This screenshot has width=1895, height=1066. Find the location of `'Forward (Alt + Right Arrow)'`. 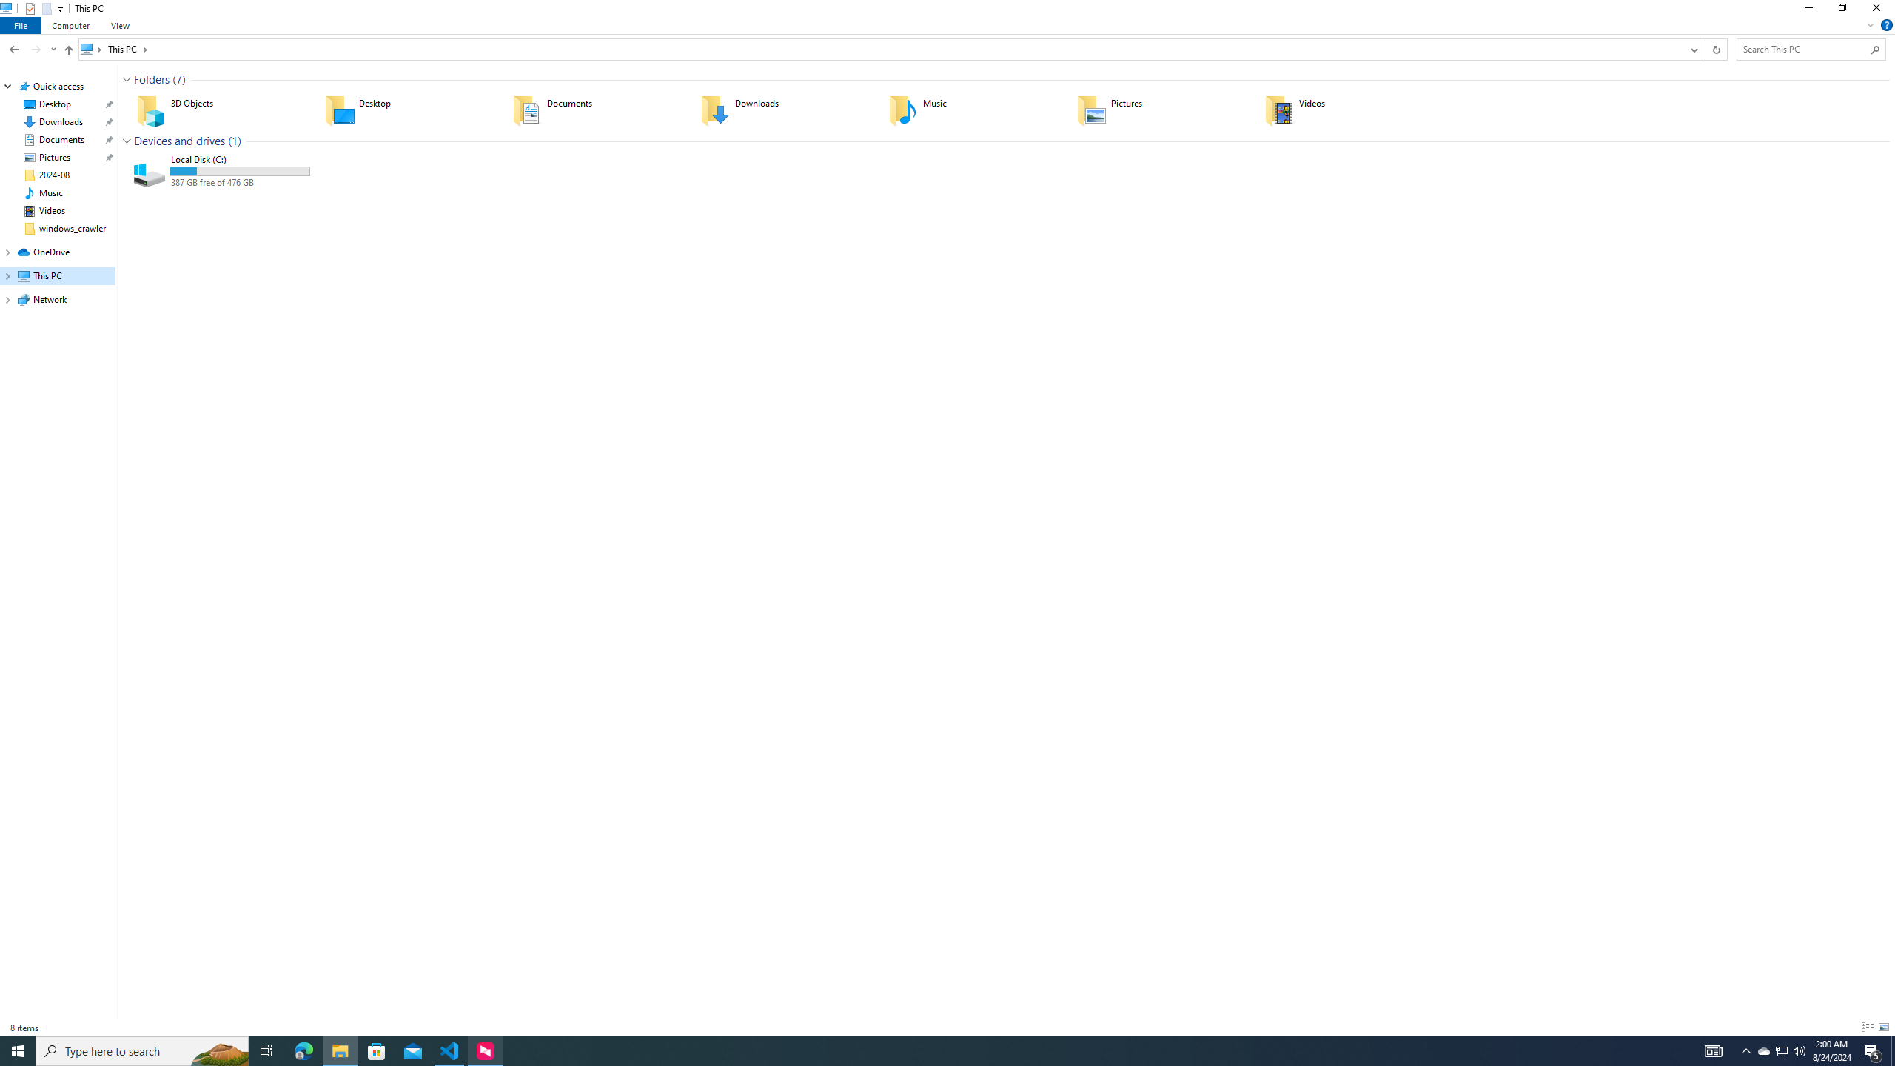

'Forward (Alt + Right Arrow)' is located at coordinates (36, 48).